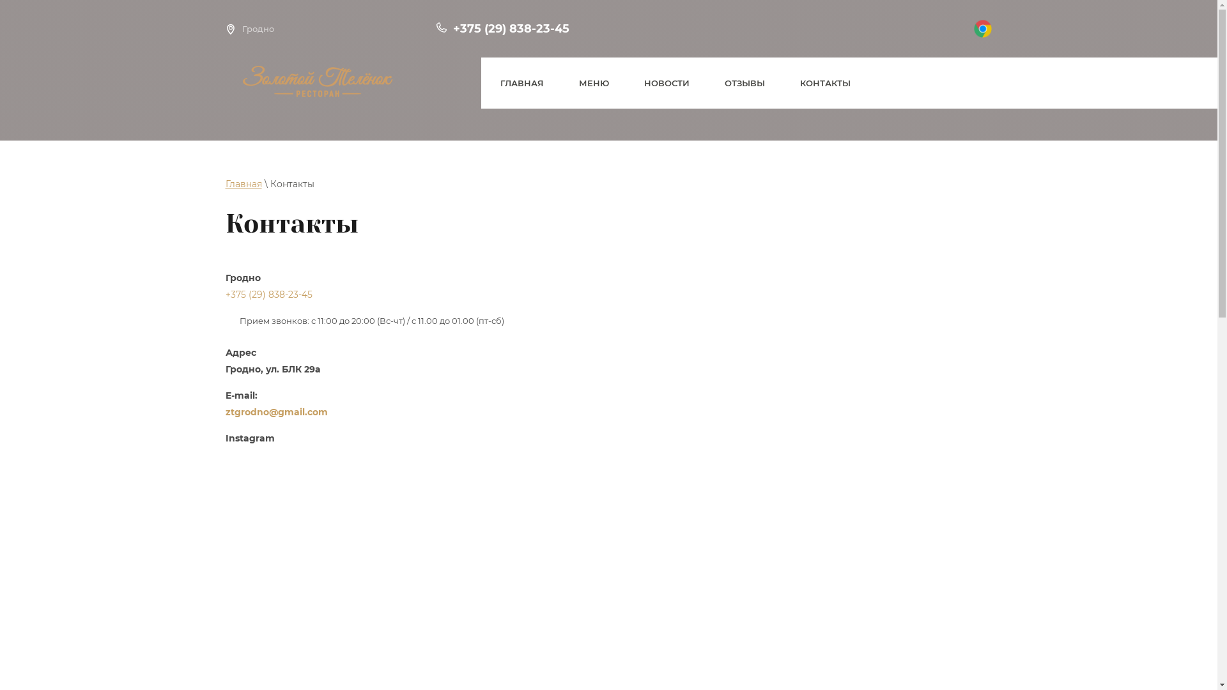 The image size is (1227, 690). What do you see at coordinates (224, 295) in the screenshot?
I see `'+375 (29) 838-23-45'` at bounding box center [224, 295].